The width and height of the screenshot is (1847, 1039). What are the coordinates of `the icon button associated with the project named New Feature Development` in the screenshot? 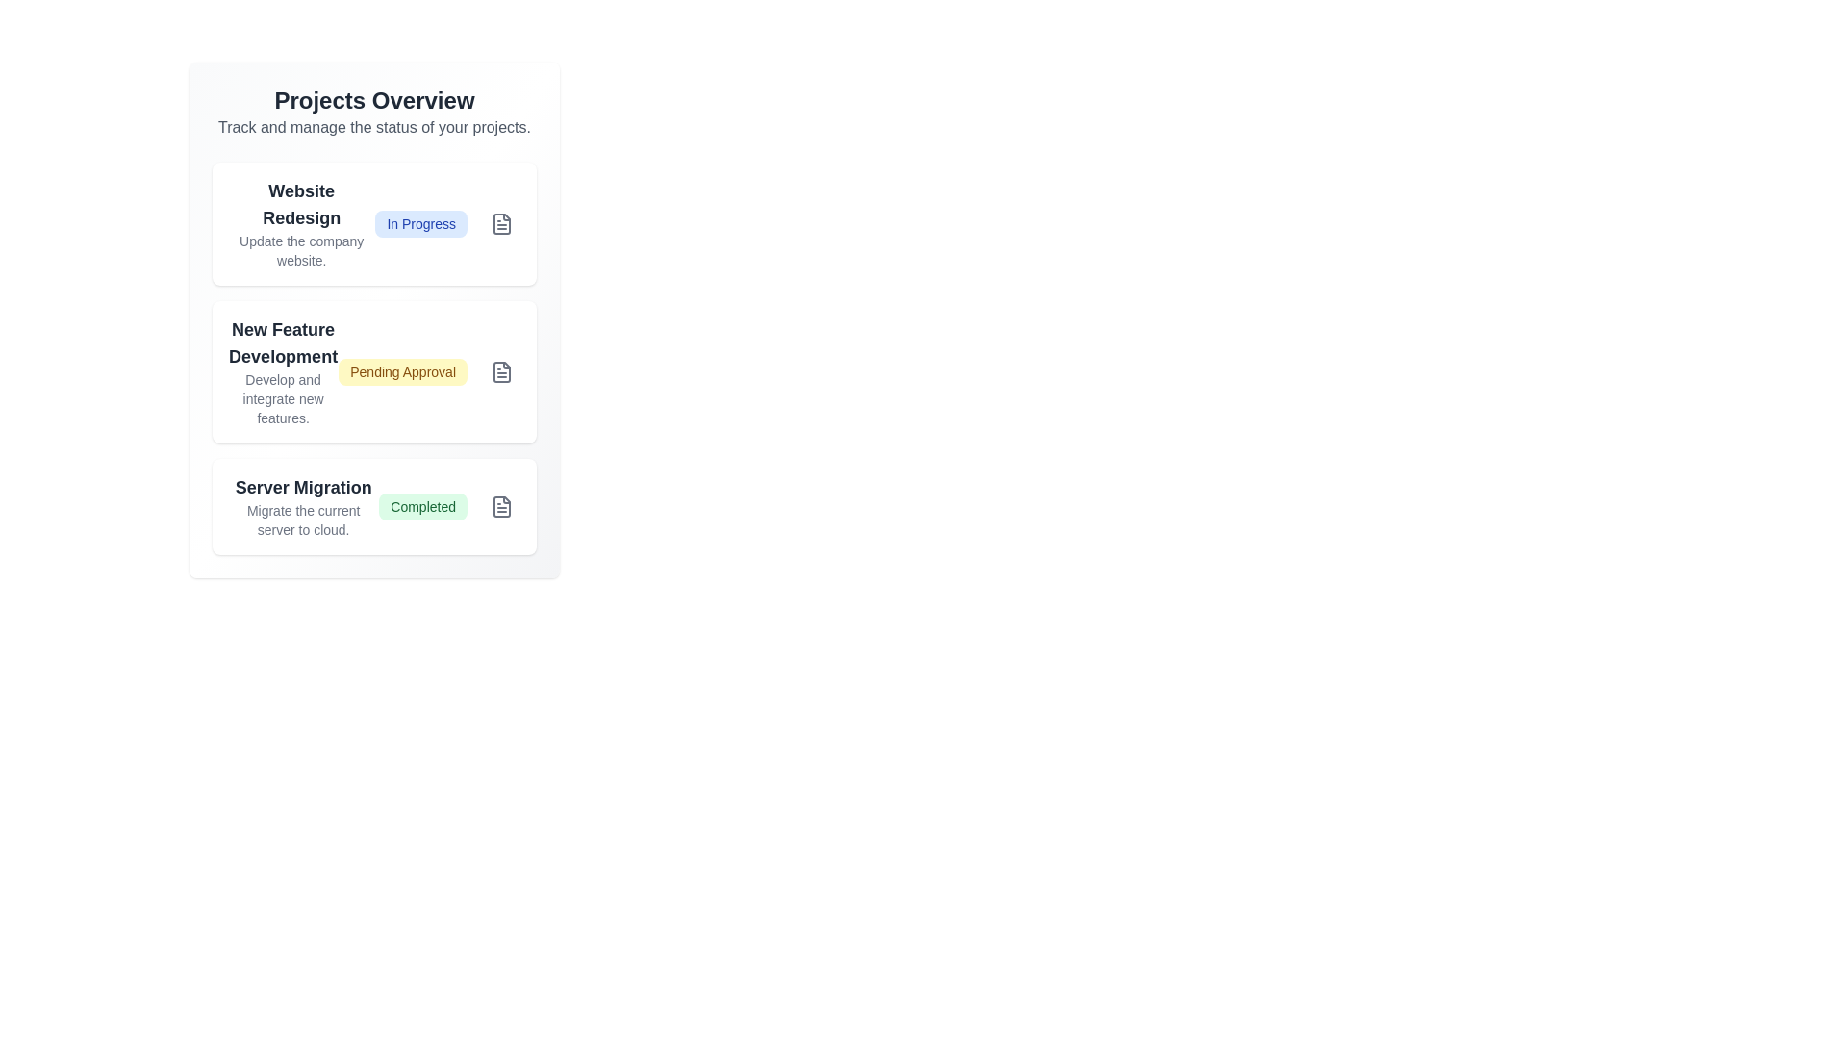 It's located at (502, 371).